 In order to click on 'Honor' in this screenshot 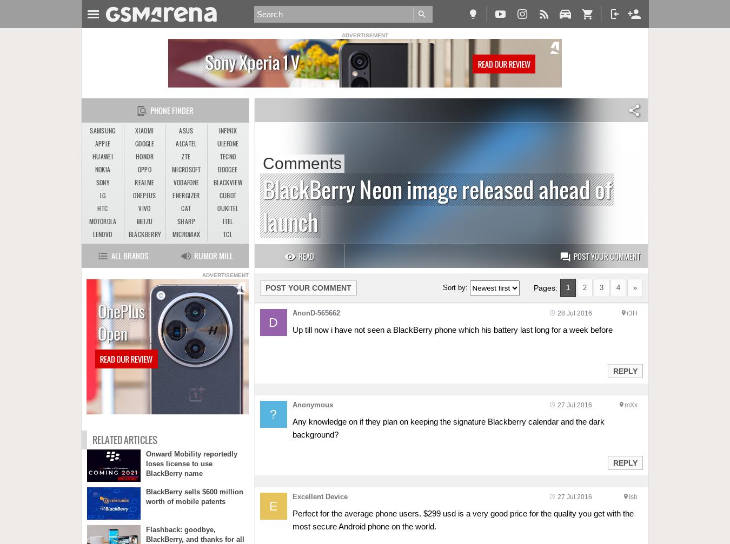, I will do `click(144, 157)`.